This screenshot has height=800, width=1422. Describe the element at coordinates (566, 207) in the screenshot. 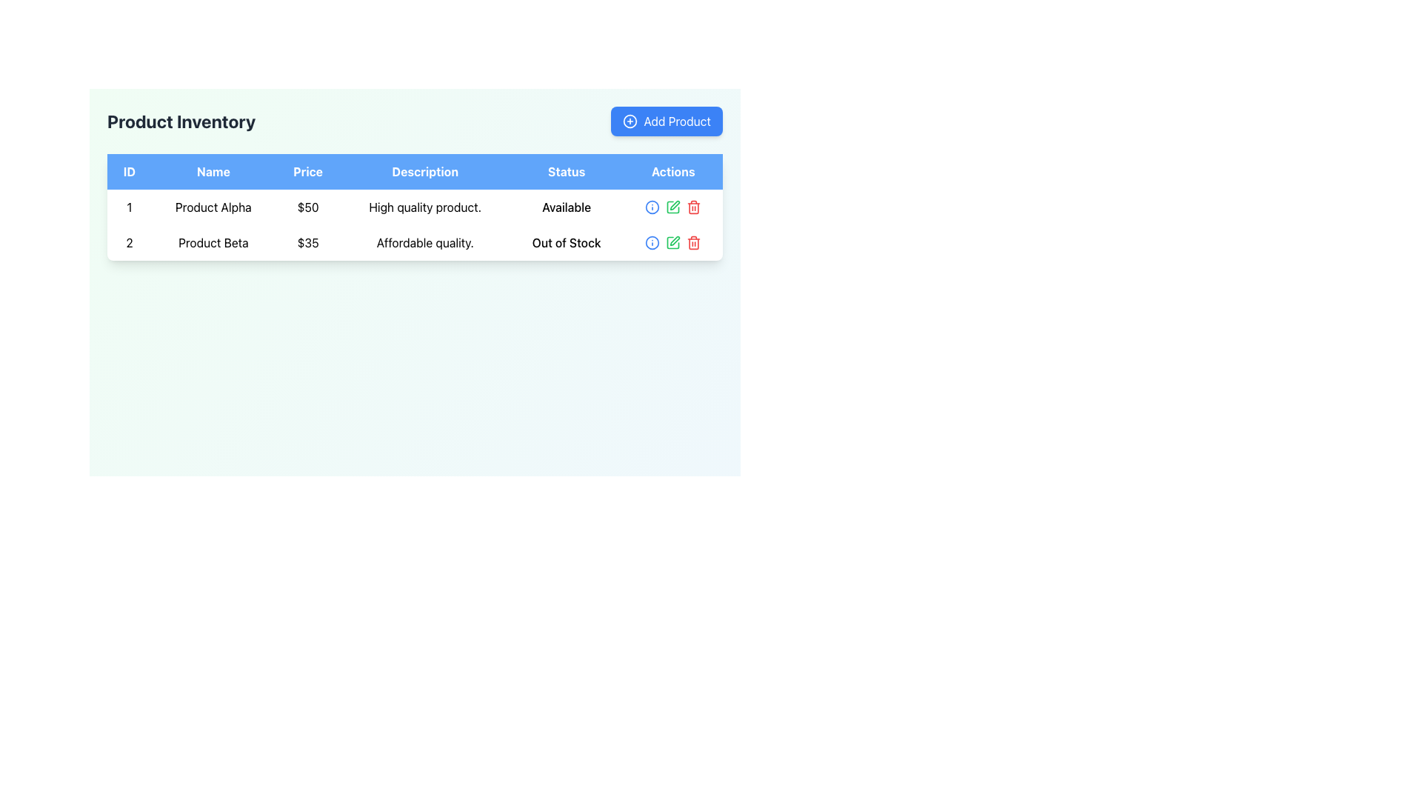

I see `the 'Available' text label in the 'Status' column of the product inventory table` at that location.